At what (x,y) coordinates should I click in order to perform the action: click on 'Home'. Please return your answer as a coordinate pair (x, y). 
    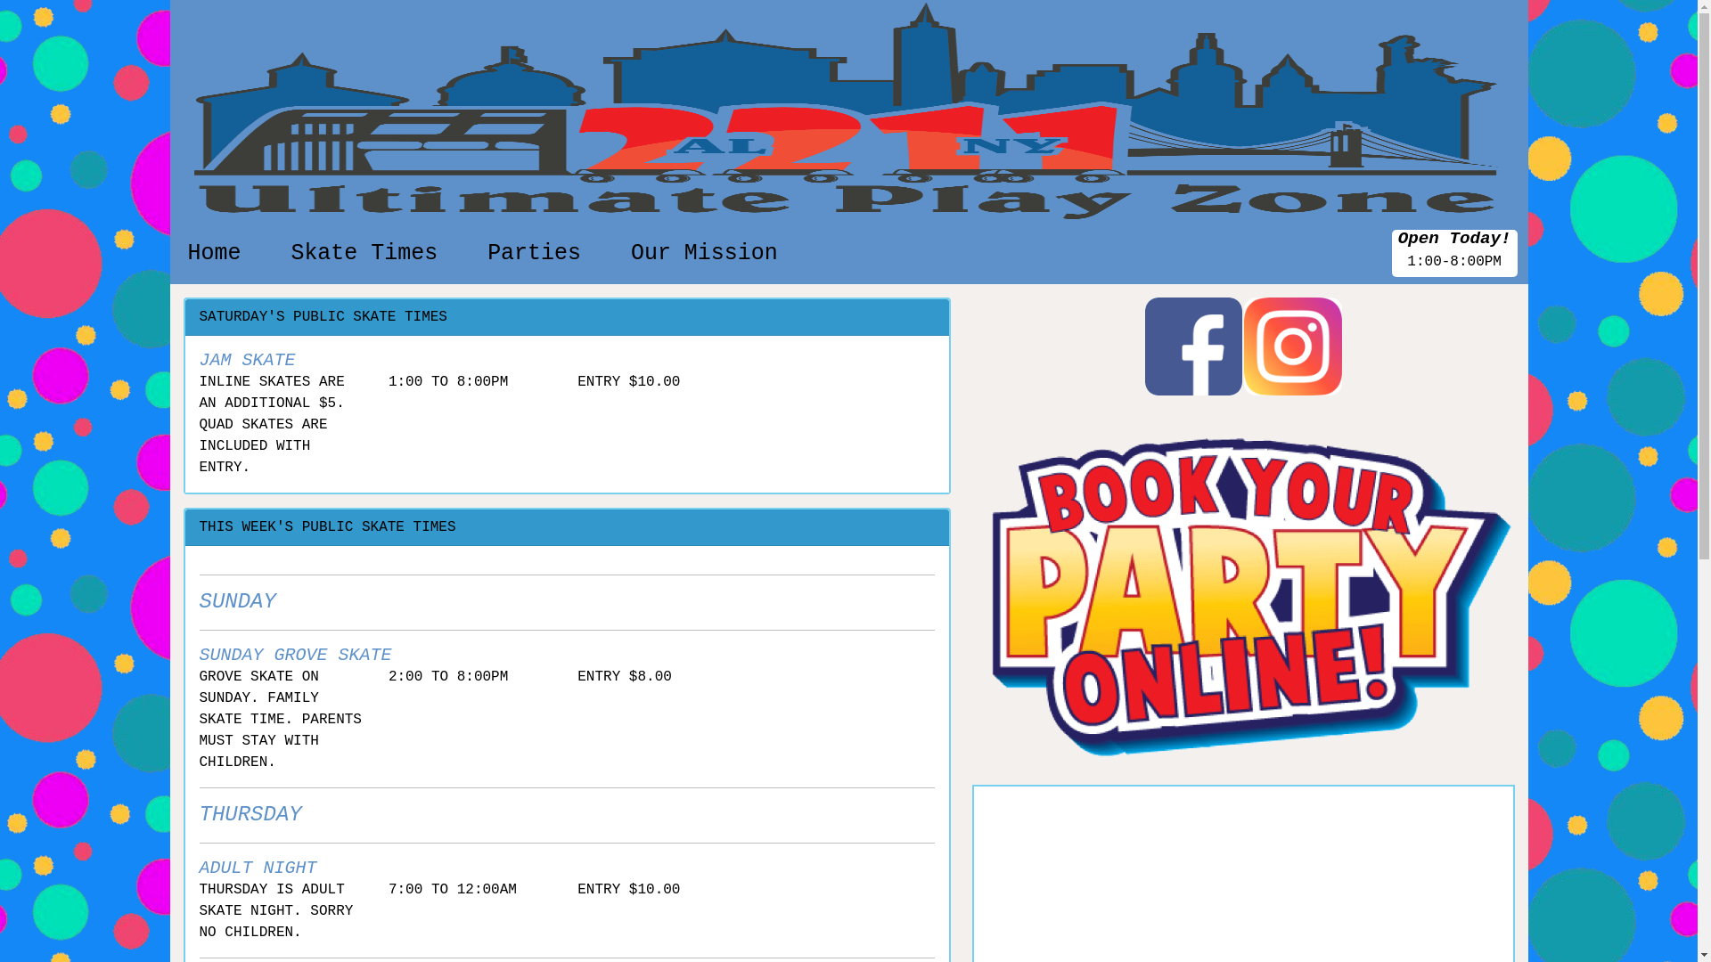
    Looking at the image, I should click on (214, 253).